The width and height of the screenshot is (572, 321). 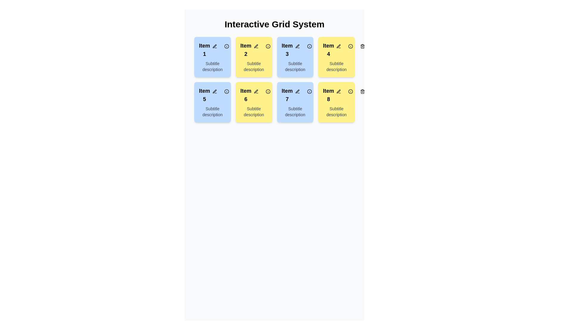 I want to click on the trash bin icon located in the top-right corner of the card labeled 'Item 8', so click(x=321, y=92).